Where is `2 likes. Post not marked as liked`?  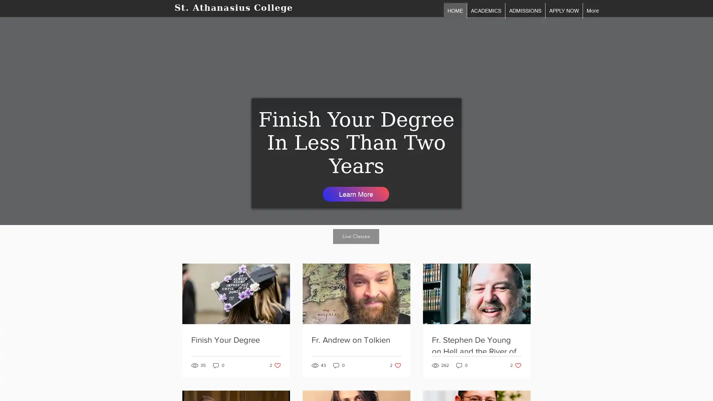 2 likes. Post not marked as liked is located at coordinates (275, 365).